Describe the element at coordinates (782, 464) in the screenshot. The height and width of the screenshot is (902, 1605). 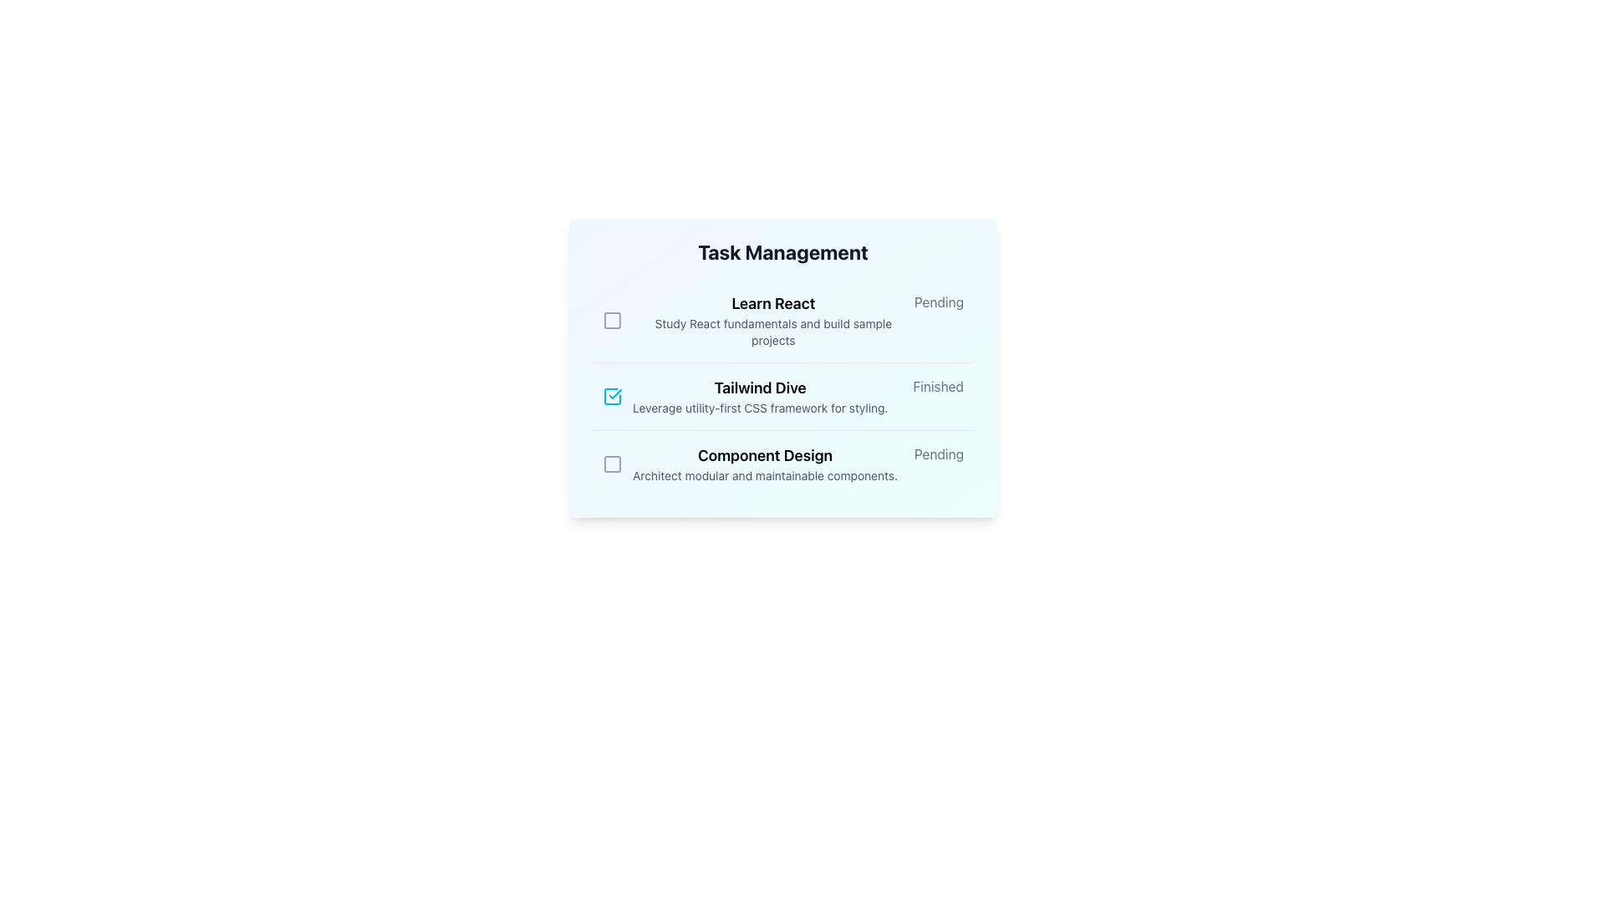
I see `the task item titled 'Component Design'` at that location.